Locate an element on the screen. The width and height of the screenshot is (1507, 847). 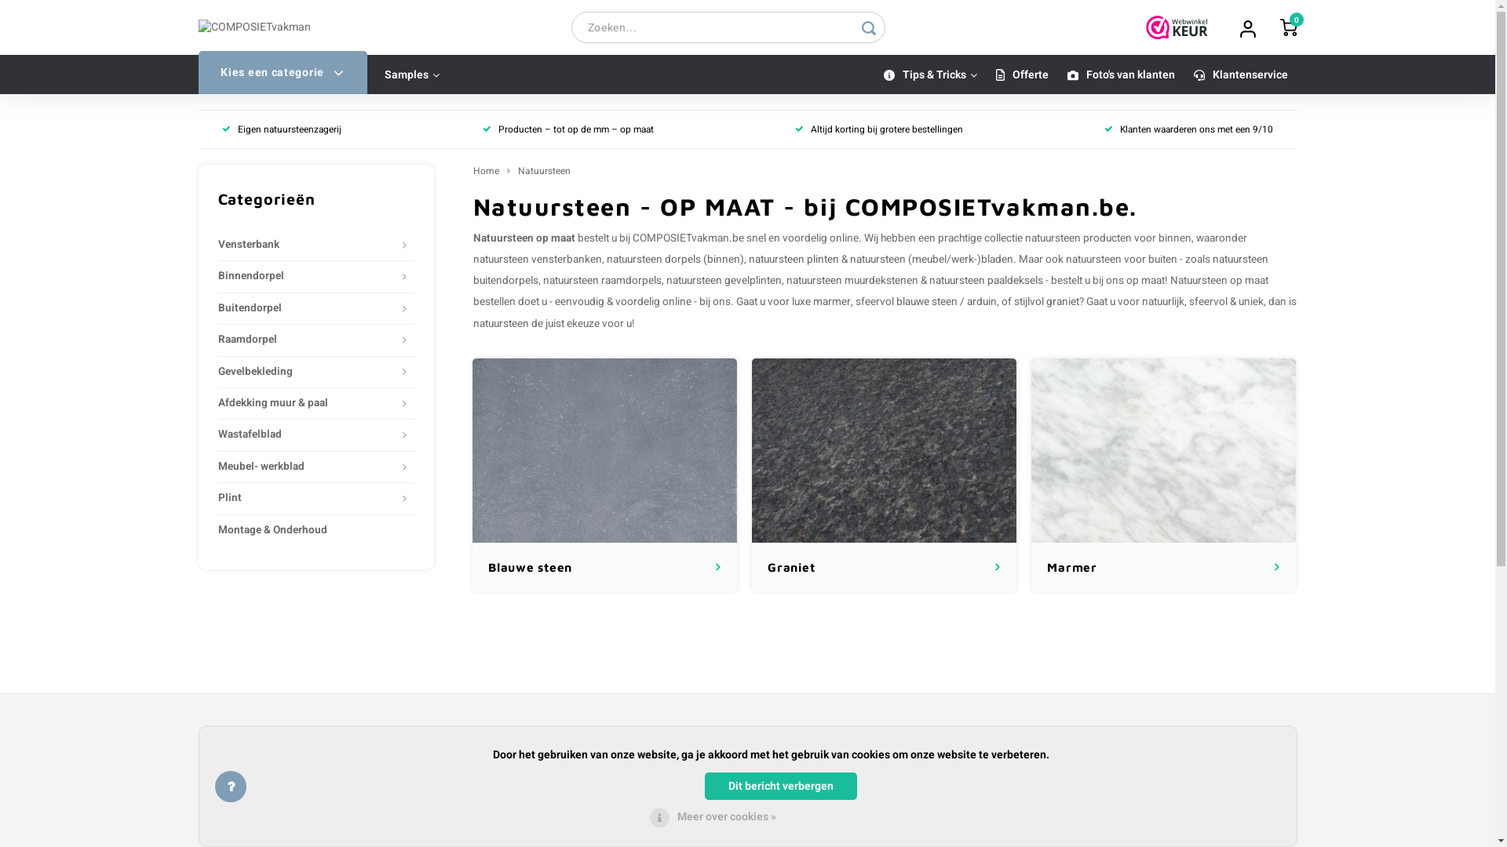
'Plint' is located at coordinates (306, 498).